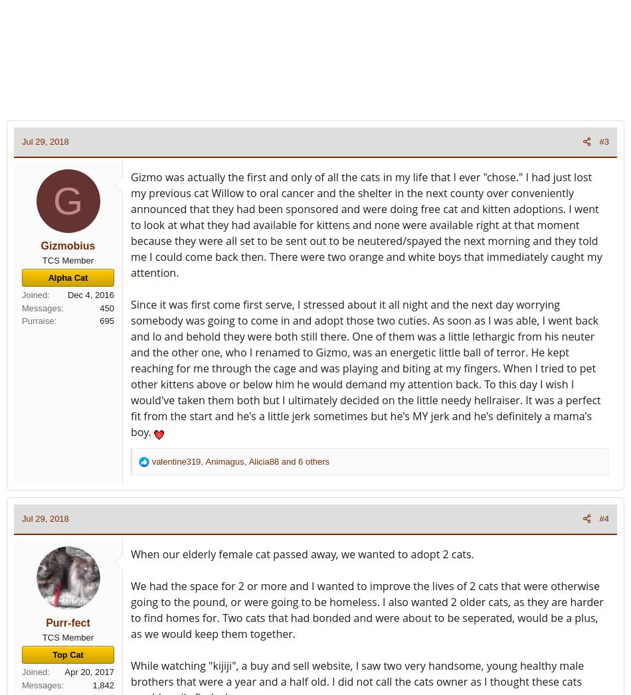 The width and height of the screenshot is (631, 695). What do you see at coordinates (68, 654) in the screenshot?
I see `'Top Cat'` at bounding box center [68, 654].